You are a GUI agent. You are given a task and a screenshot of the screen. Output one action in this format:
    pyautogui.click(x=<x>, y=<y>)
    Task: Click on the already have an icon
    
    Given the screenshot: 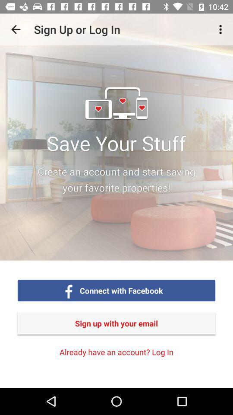 What is the action you would take?
    pyautogui.click(x=116, y=352)
    